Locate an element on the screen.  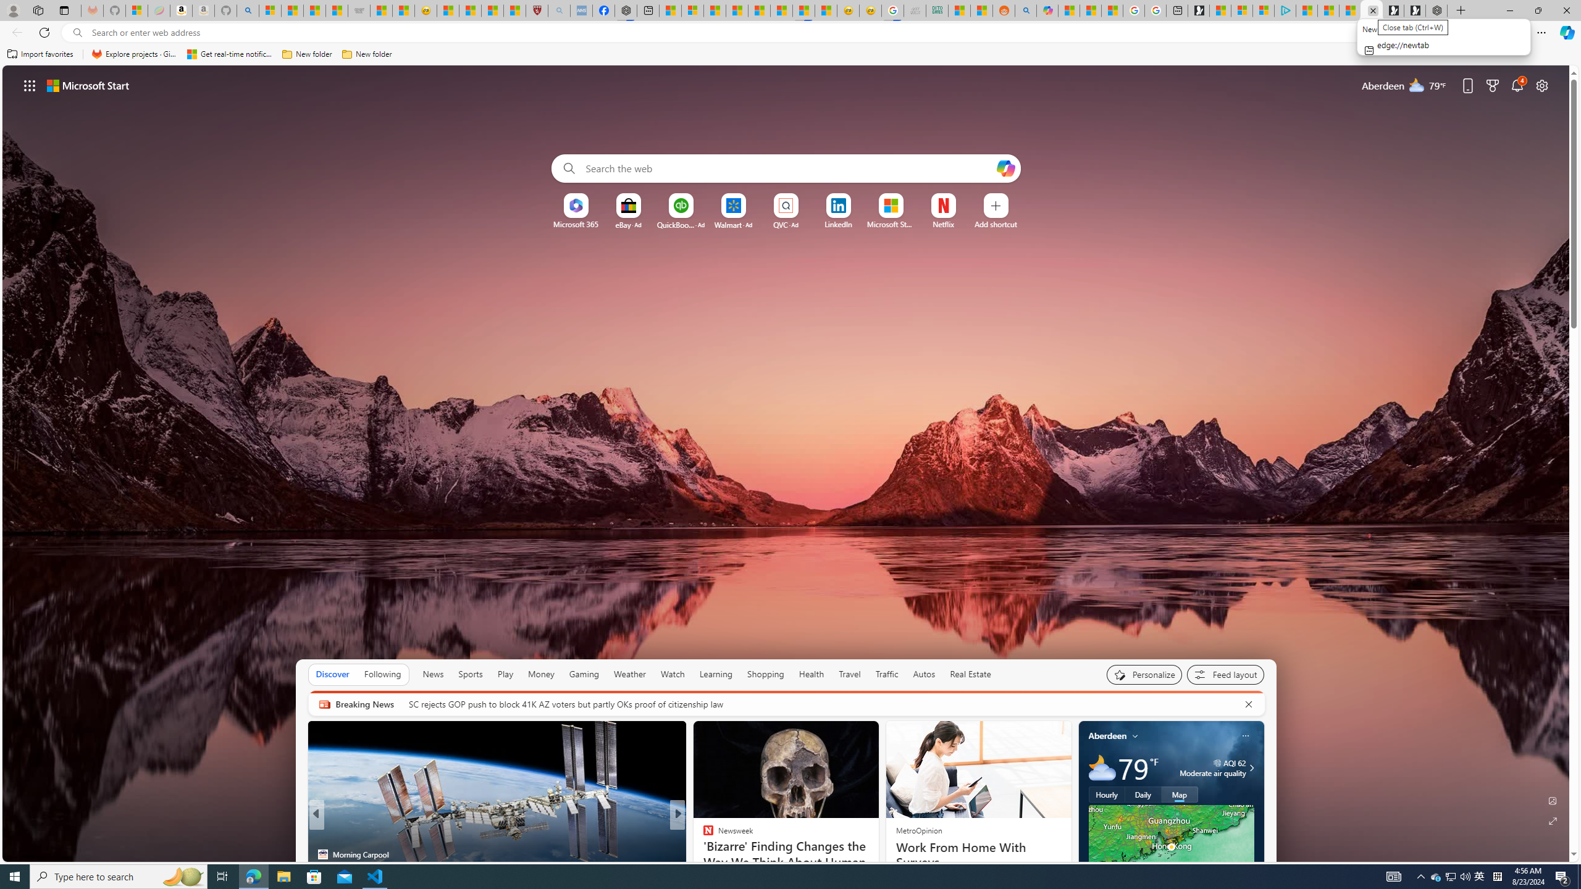
'MetroOpinion' is located at coordinates (918, 830).